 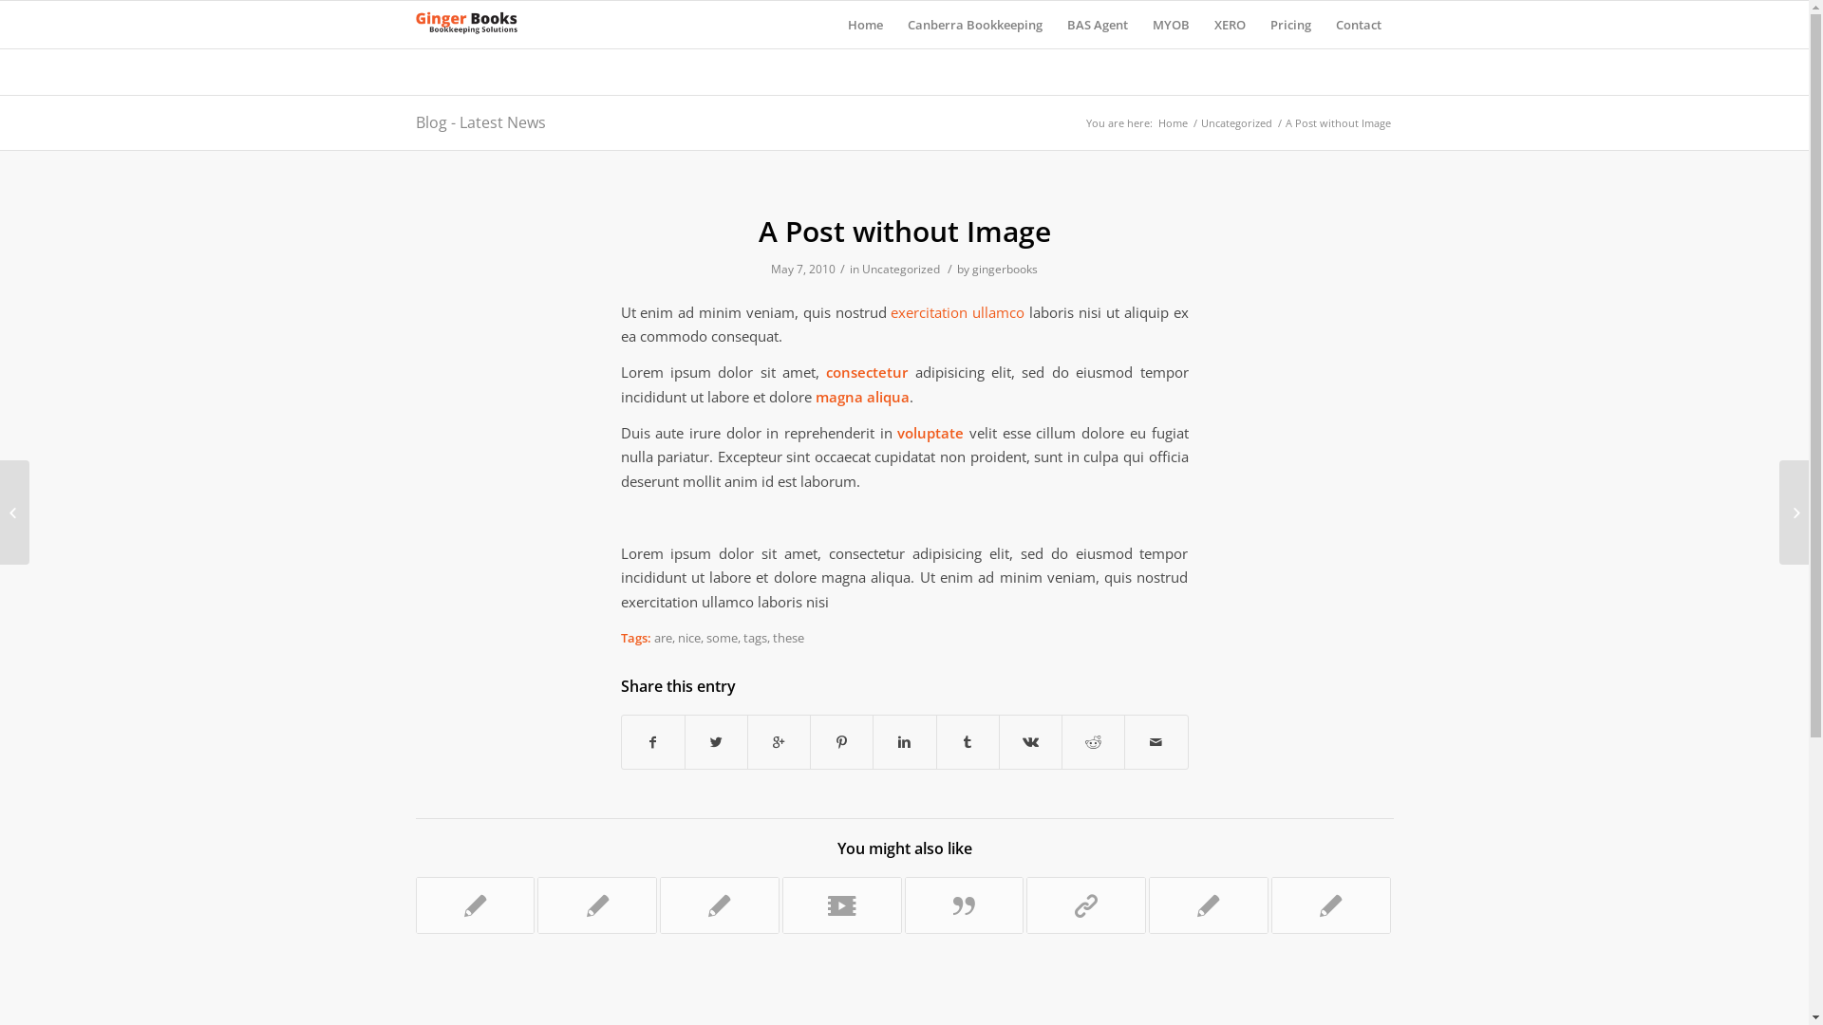 I want to click on 'Uncategorized', so click(x=900, y=269).